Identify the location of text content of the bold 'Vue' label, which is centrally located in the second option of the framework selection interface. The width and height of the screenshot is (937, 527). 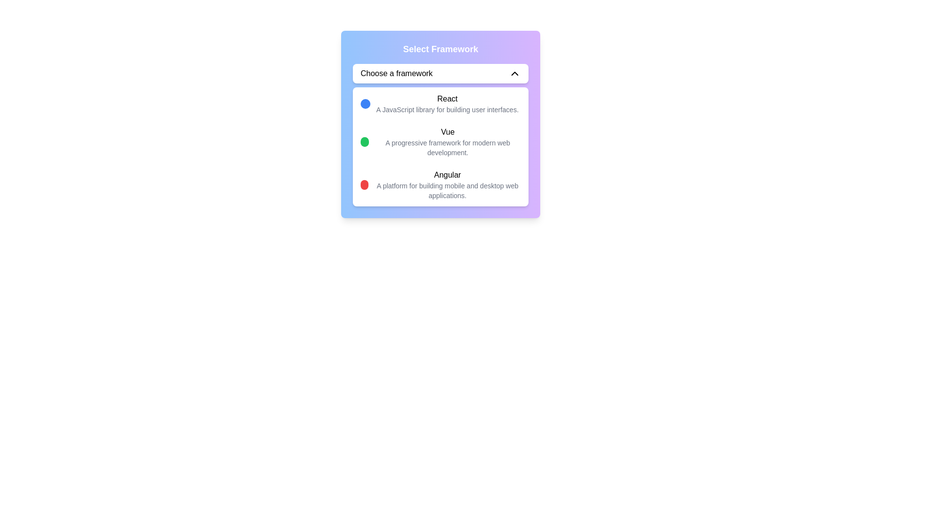
(447, 132).